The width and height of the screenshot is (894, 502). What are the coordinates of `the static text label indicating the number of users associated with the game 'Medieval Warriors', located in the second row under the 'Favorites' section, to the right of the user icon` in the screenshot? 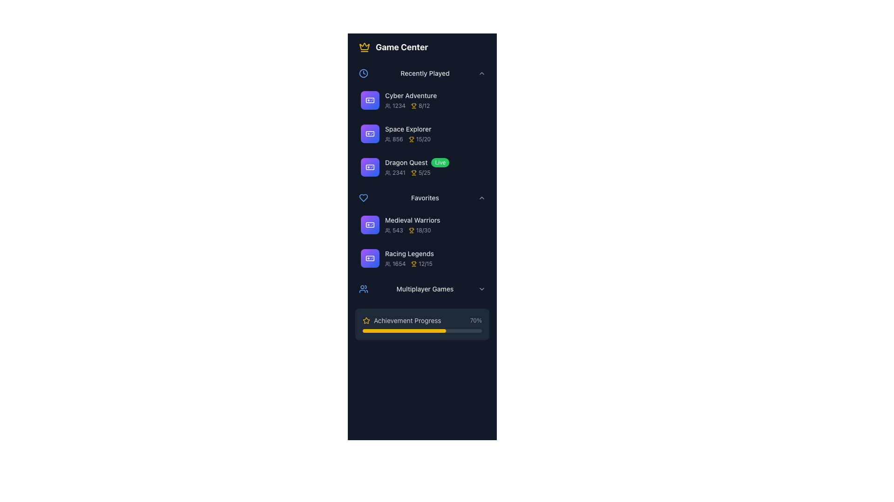 It's located at (398, 230).